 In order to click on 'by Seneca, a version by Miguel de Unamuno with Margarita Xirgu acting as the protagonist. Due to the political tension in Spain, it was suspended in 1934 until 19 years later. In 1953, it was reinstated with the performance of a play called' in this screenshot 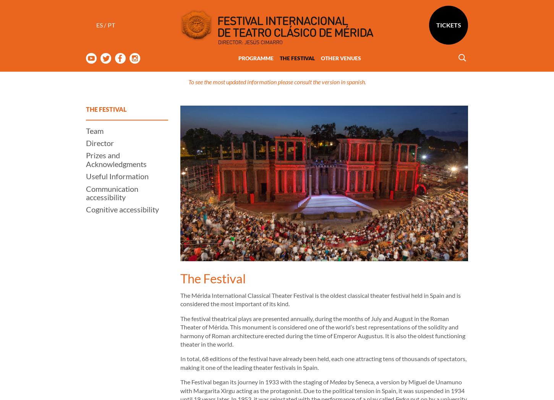, I will do `click(322, 360)`.